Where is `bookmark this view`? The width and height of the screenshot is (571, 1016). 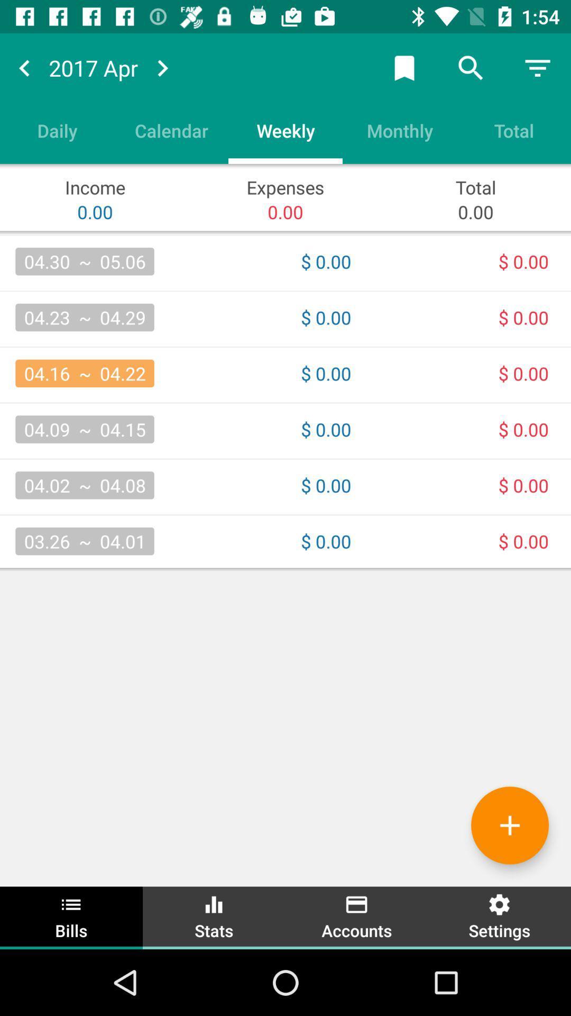 bookmark this view is located at coordinates (404, 67).